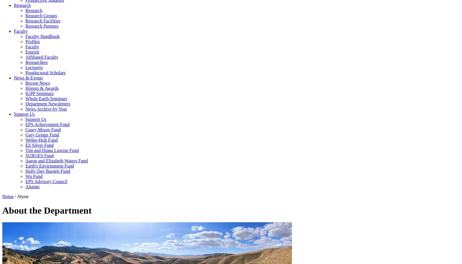  I want to click on 'SURGES Fund', so click(25, 155).